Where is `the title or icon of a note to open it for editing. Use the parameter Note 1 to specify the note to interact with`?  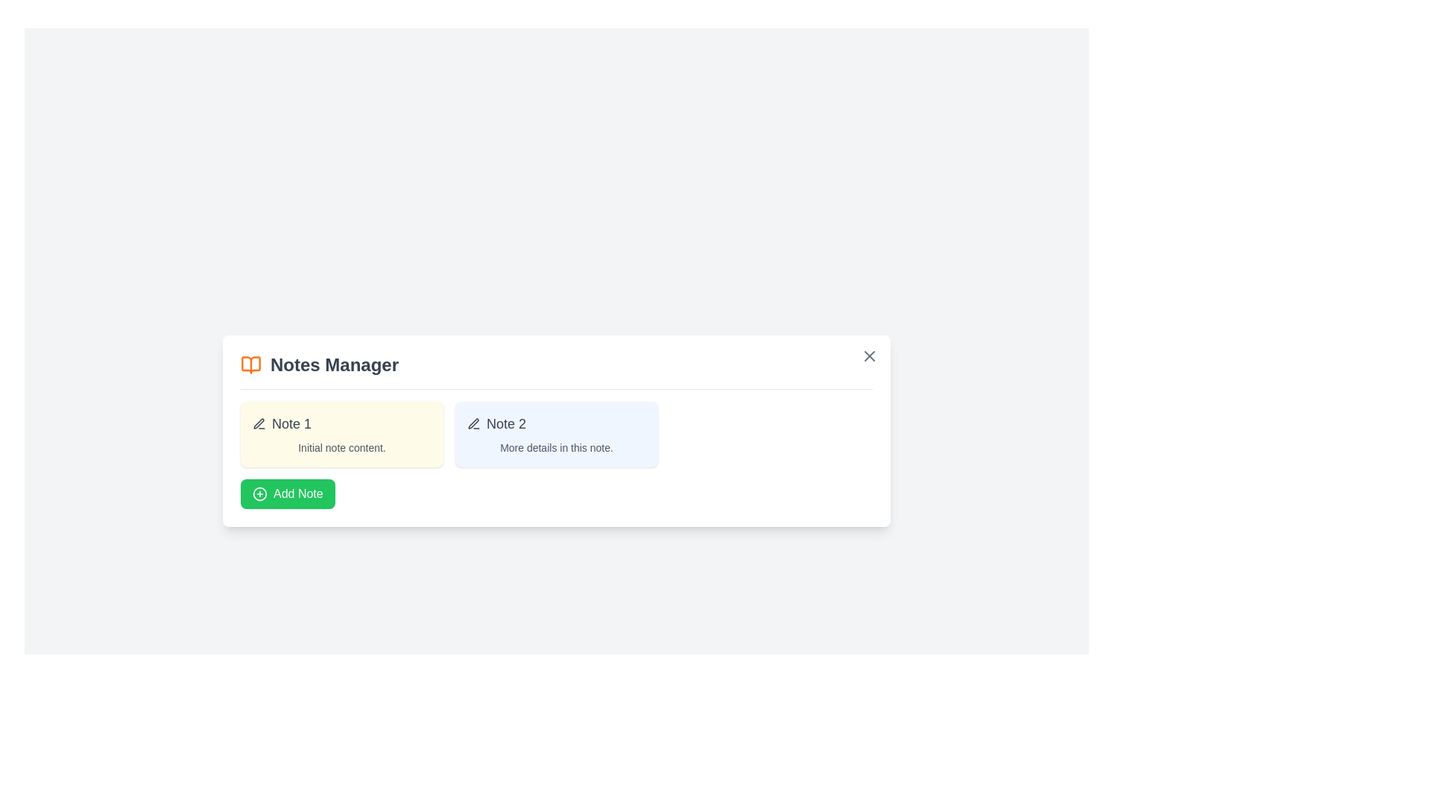
the title or icon of a note to open it for editing. Use the parameter Note 1 to specify the note to interact with is located at coordinates (341, 423).